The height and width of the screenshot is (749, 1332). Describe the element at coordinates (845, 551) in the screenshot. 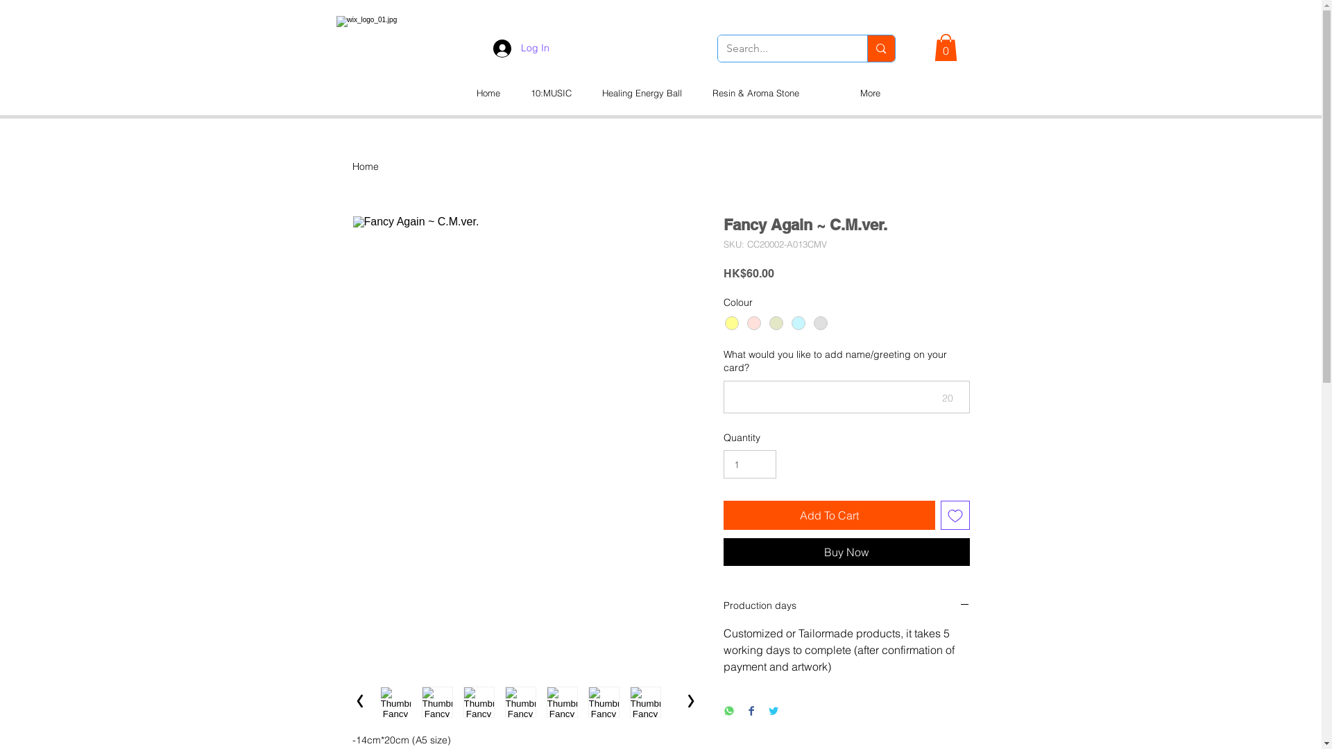

I see `'Buy Now'` at that location.